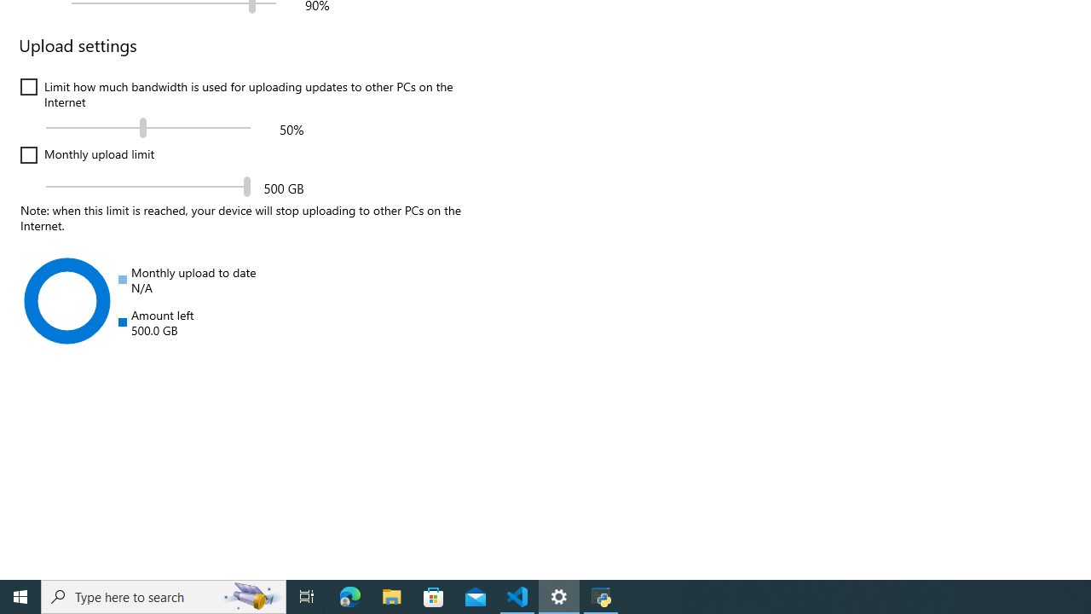 The width and height of the screenshot is (1091, 614). Describe the element at coordinates (434, 595) in the screenshot. I see `'Microsoft Store'` at that location.